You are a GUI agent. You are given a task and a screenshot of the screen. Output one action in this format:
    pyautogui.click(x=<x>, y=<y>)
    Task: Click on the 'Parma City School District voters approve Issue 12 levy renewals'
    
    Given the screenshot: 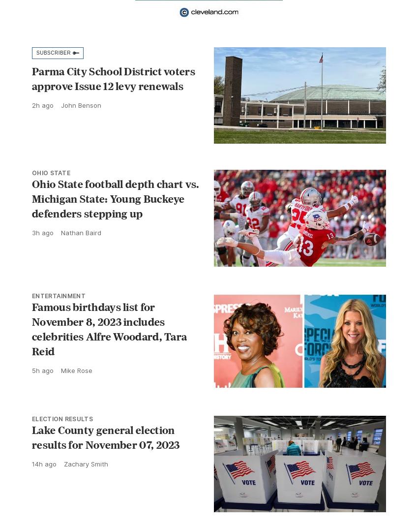 What is the action you would take?
    pyautogui.click(x=113, y=78)
    